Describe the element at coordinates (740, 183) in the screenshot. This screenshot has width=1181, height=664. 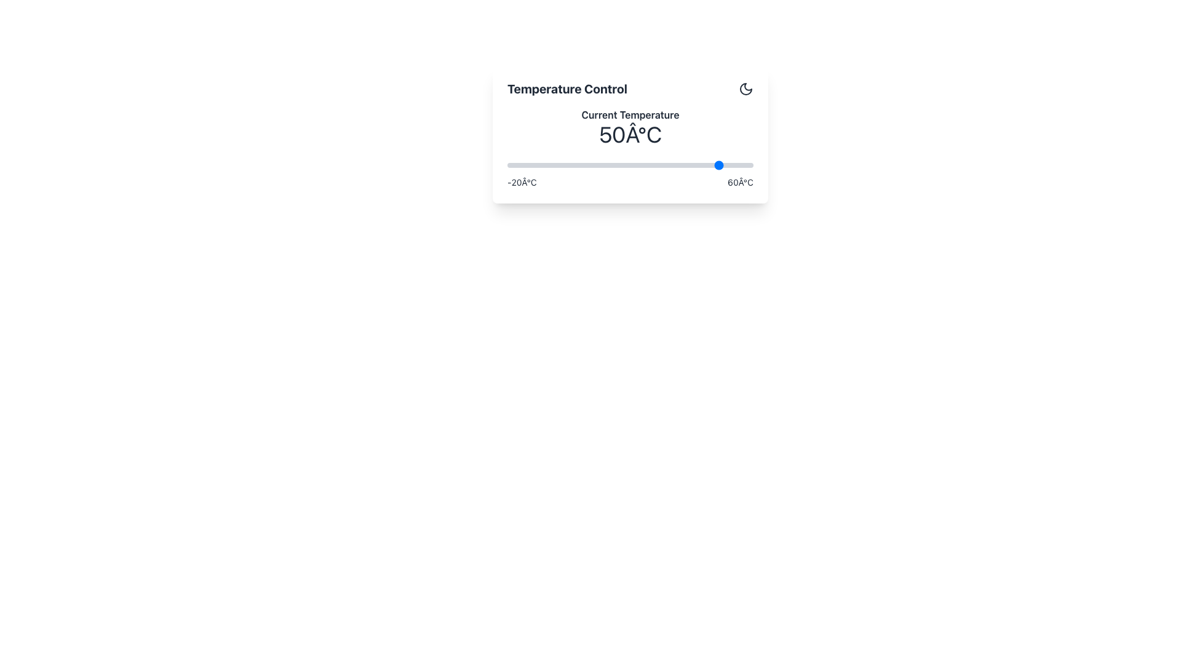
I see `displayed text '60°C' from the text label on the far right side of the temperature range bar` at that location.